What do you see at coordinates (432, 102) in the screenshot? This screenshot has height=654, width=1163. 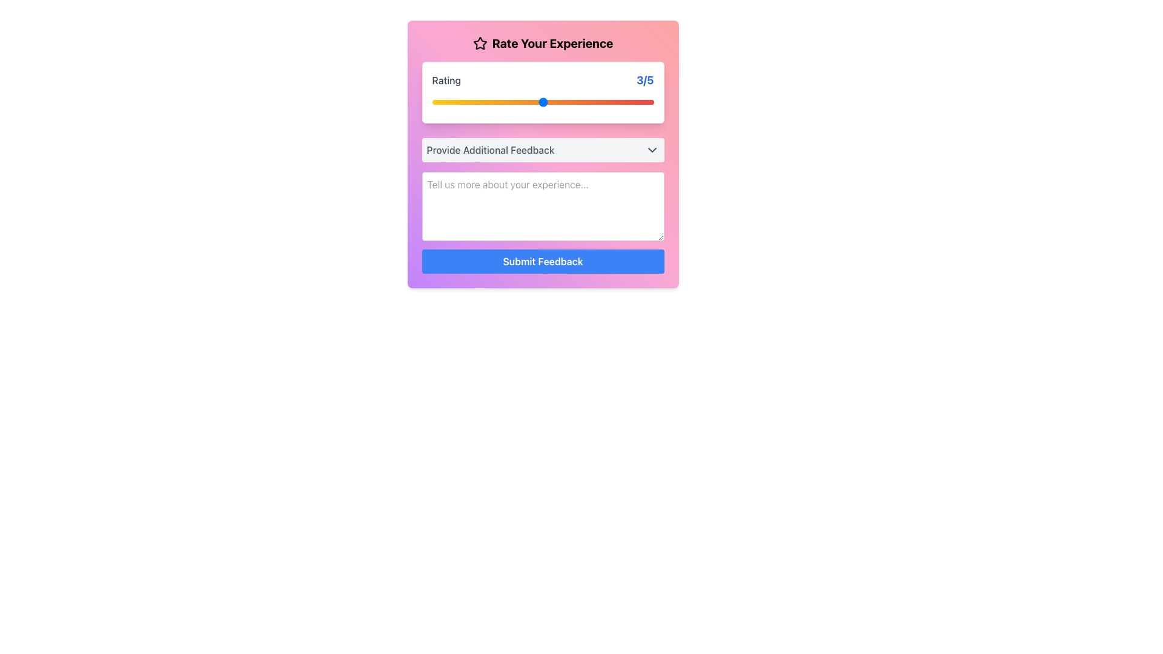 I see `the rating` at bounding box center [432, 102].